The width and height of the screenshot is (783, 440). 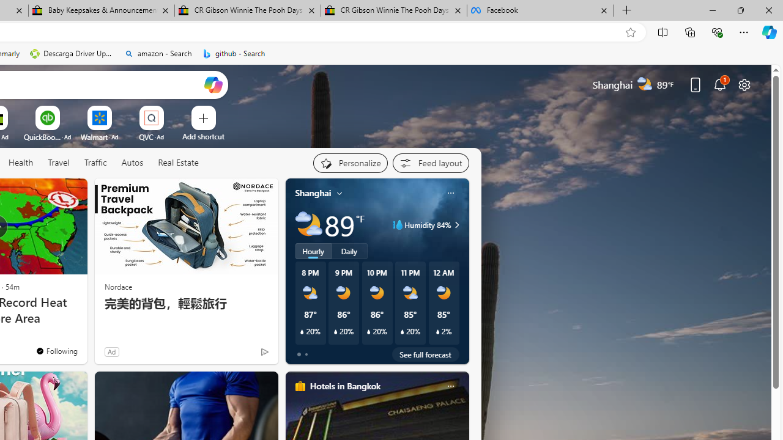 I want to click on 'Descarga Driver Updater', so click(x=72, y=53).